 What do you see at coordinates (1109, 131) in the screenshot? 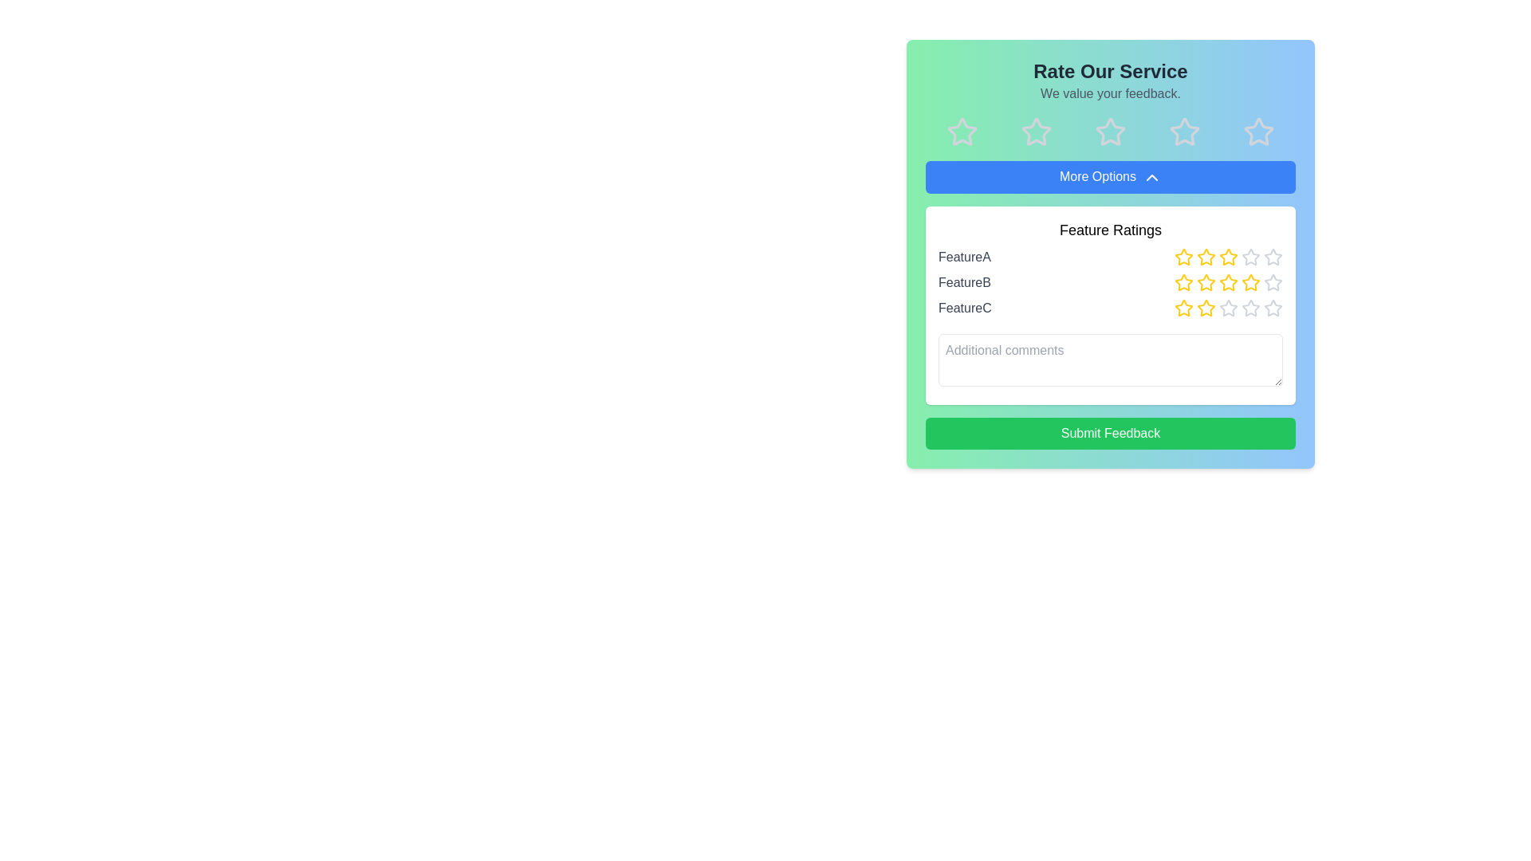
I see `the third rating star in the row of five stars` at bounding box center [1109, 131].